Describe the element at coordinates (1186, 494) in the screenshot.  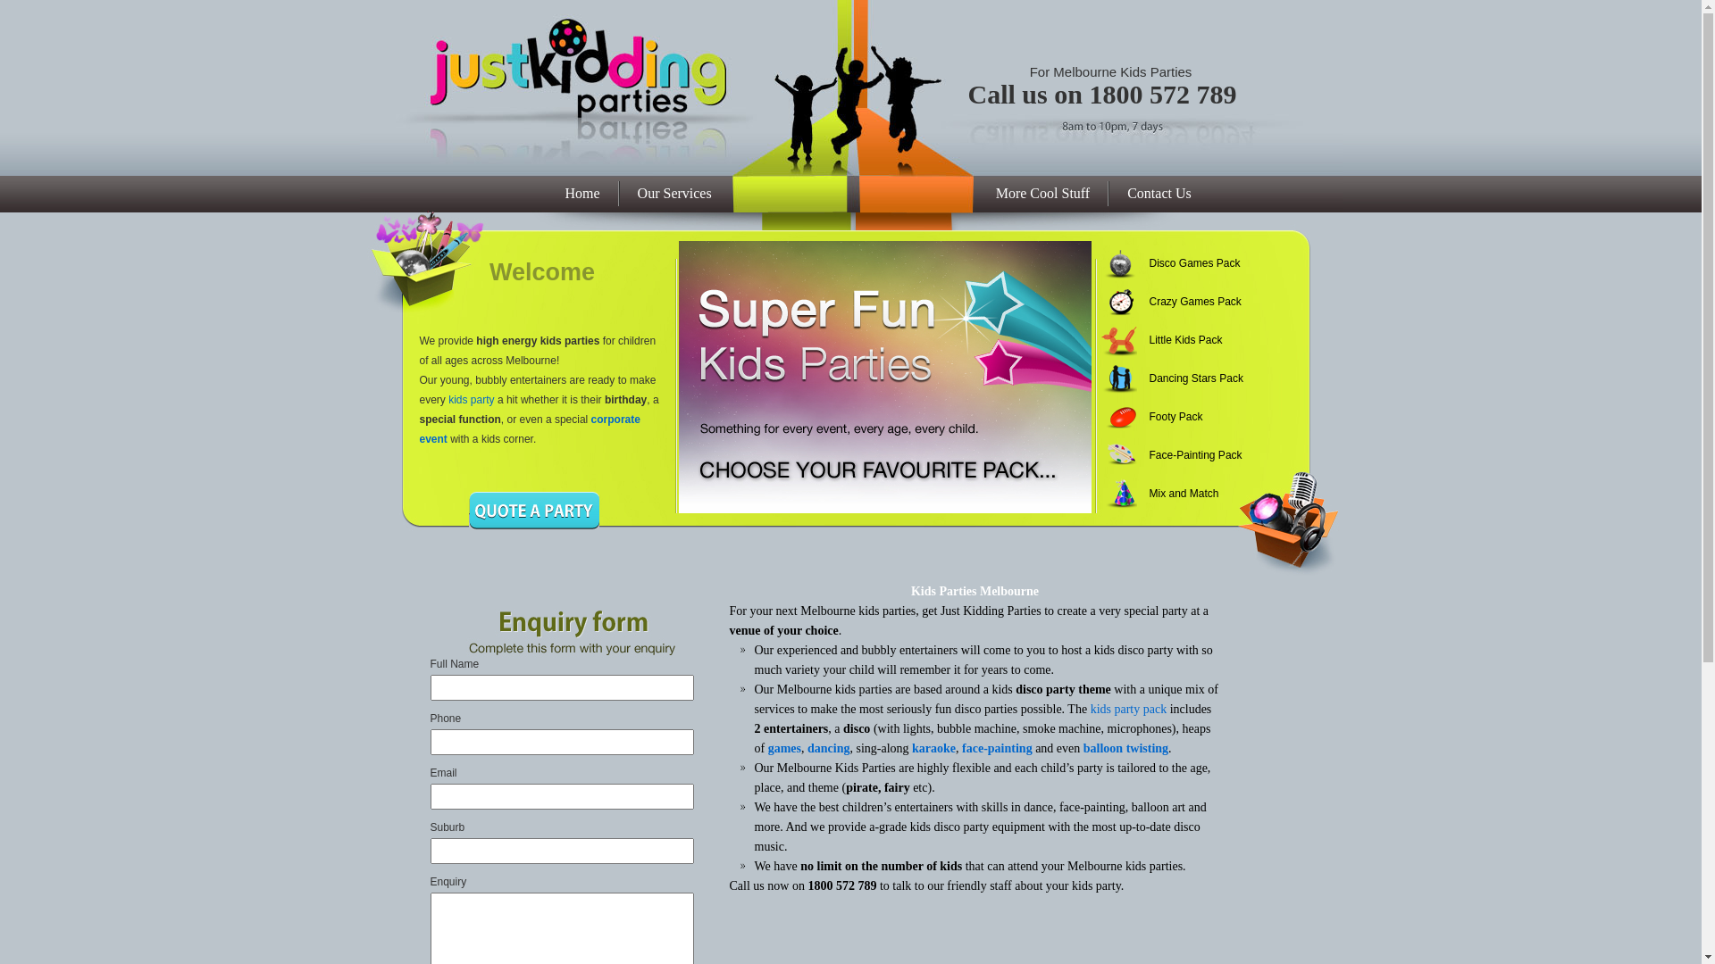
I see `'Mix and Match'` at that location.